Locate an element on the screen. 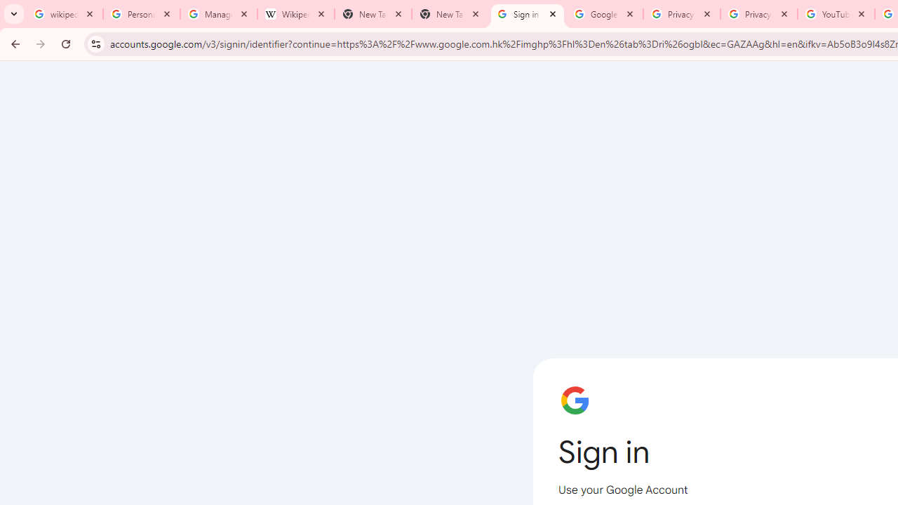 The width and height of the screenshot is (898, 505). 'Personalization & Google Search results - Google Search Help' is located at coordinates (142, 14).